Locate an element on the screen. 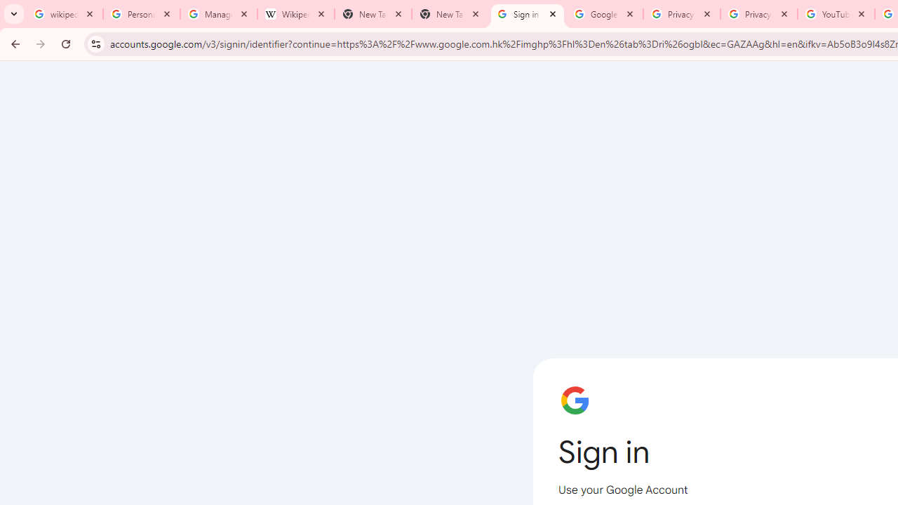 The width and height of the screenshot is (898, 505). 'Personalization & Google Search results - Google Search Help' is located at coordinates (142, 14).